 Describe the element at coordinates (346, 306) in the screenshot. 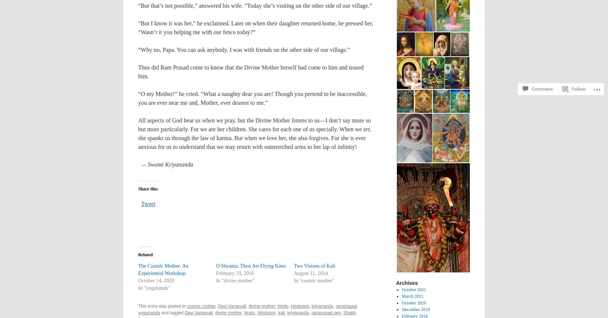

I see `'ramprasad'` at that location.